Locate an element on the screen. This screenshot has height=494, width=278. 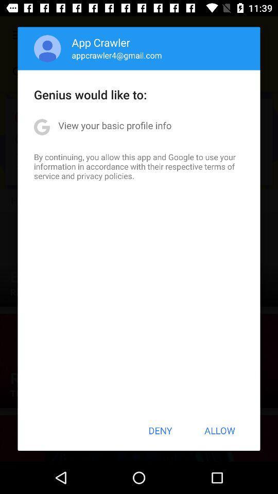
the appcrawler4@gmail.com icon is located at coordinates (116, 55).